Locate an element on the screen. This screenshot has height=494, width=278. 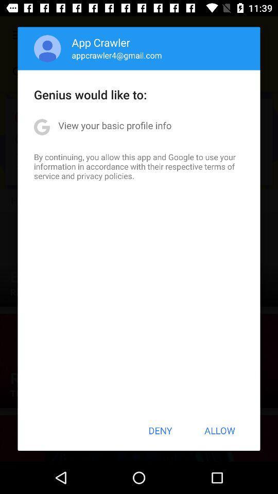
the appcrawler4@gmail.com icon is located at coordinates (116, 55).